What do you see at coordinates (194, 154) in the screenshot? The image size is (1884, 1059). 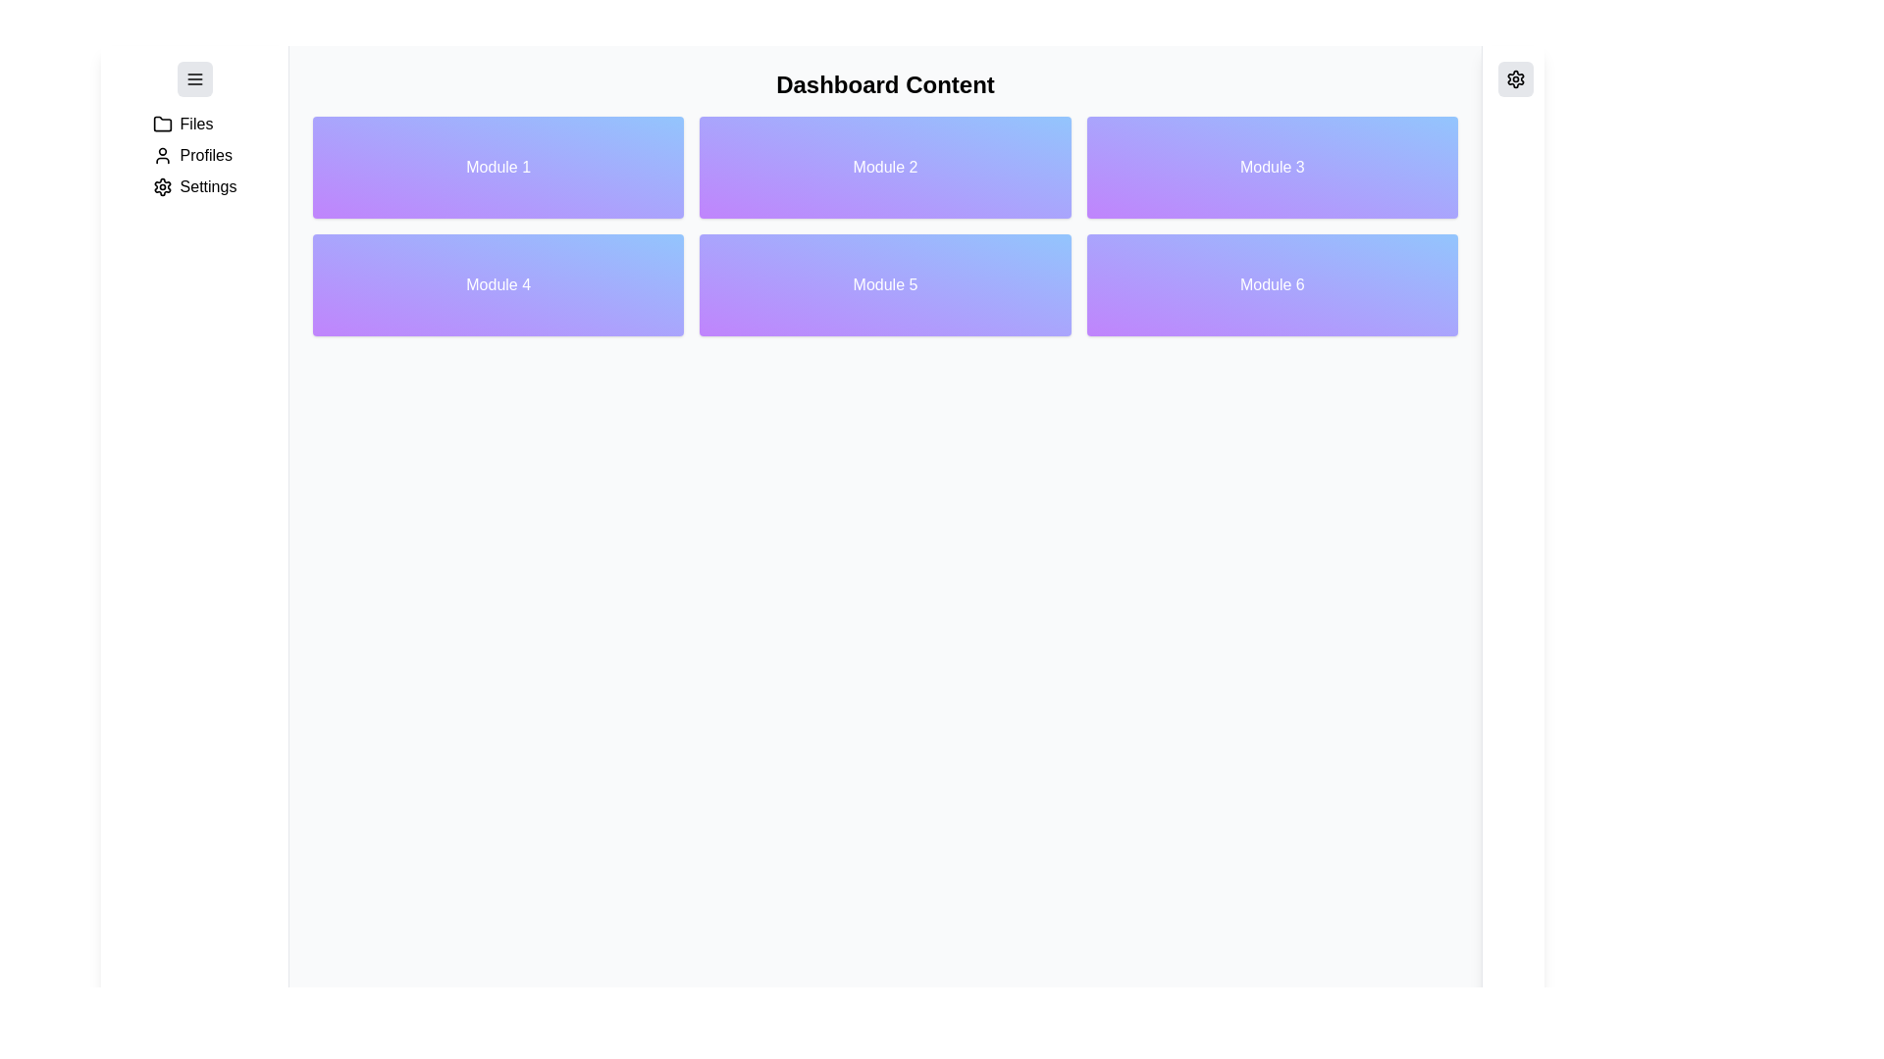 I see `the 'Profiles' menu item, which features a user icon on the left and the word 'Profiles' styled in a clean font, located as the second option in the menu` at bounding box center [194, 154].